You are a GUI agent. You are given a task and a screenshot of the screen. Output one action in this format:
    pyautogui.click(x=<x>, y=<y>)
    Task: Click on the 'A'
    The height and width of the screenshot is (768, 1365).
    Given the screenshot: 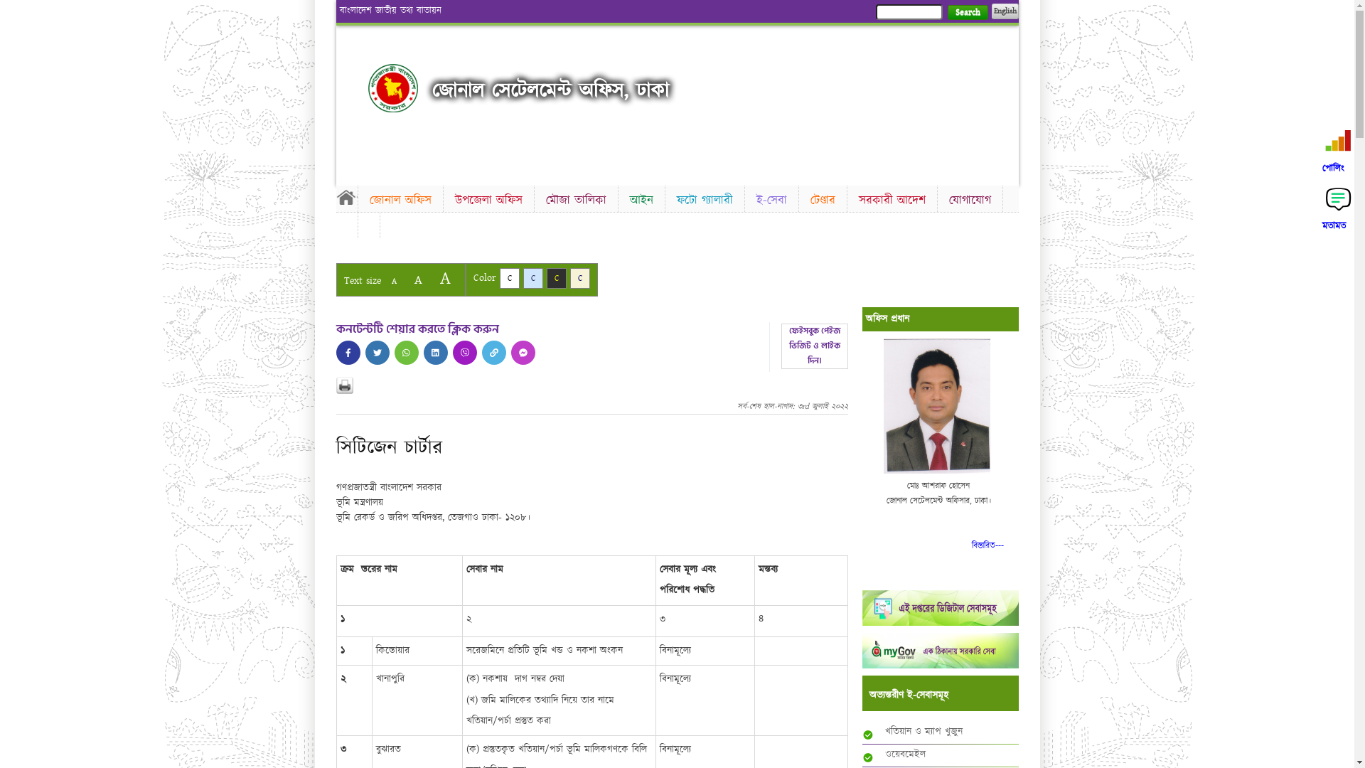 What is the action you would take?
    pyautogui.click(x=417, y=279)
    